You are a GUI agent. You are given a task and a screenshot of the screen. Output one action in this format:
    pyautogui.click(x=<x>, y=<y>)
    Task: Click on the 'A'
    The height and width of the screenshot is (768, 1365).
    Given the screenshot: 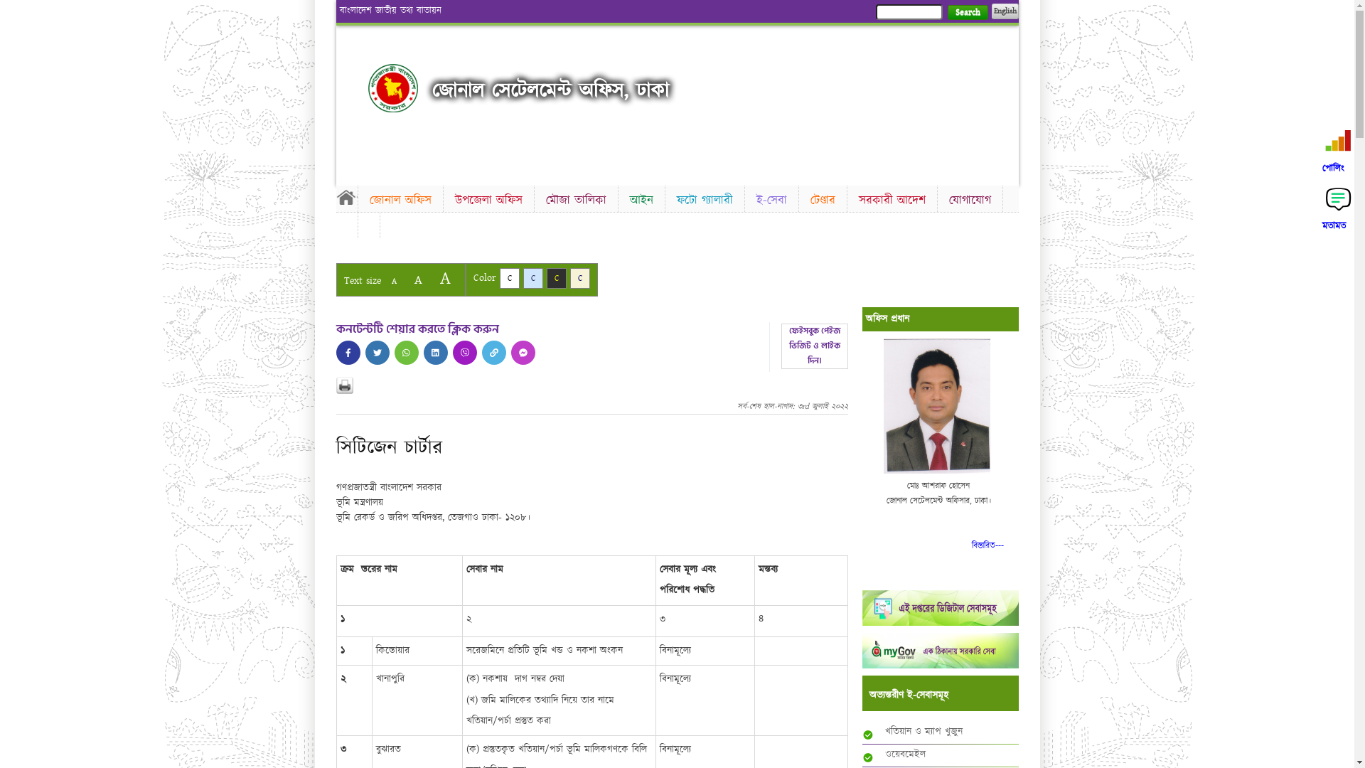 What is the action you would take?
    pyautogui.click(x=417, y=279)
    